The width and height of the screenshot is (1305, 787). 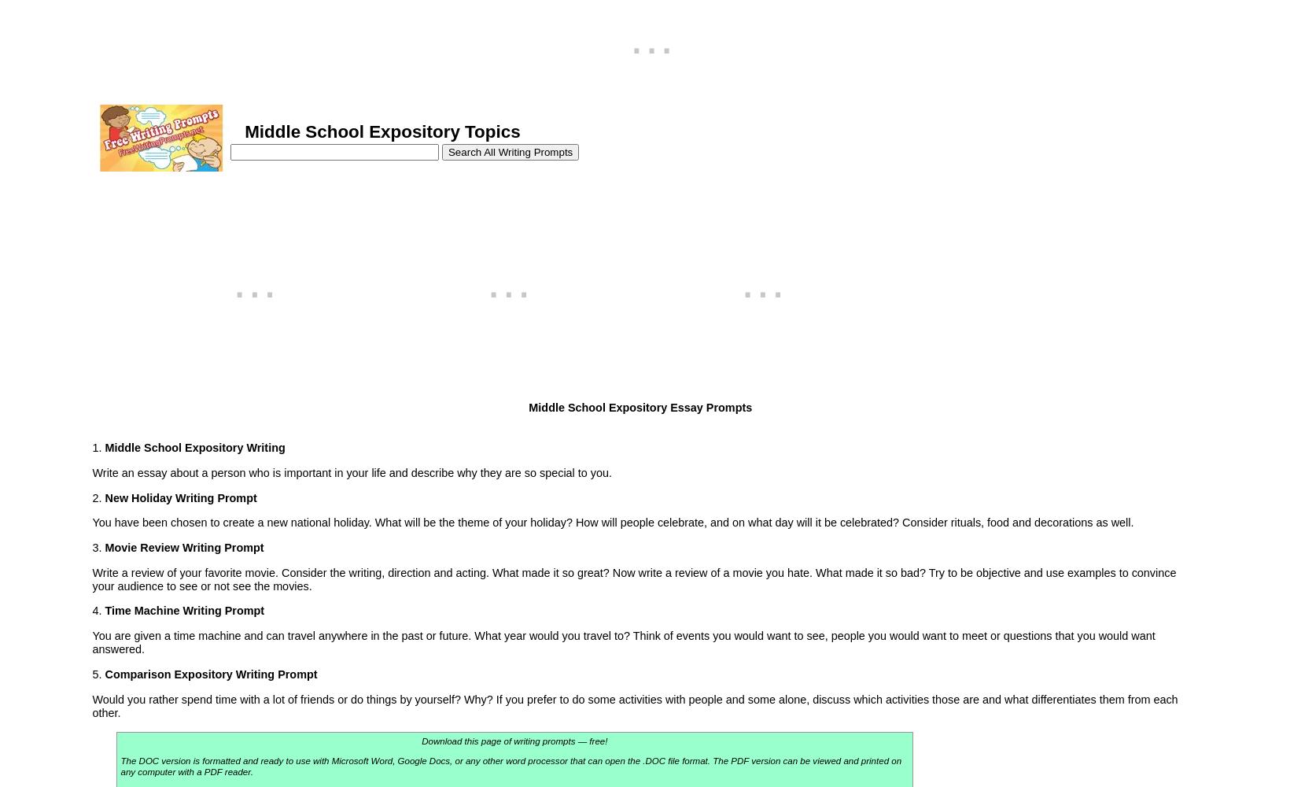 What do you see at coordinates (90, 641) in the screenshot?
I see `'You are given a time machine and can travel anywhere in the past or future. What year would you travel to? Think of events you would want to see, people you would want to meet or questions that you would want answered.'` at bounding box center [90, 641].